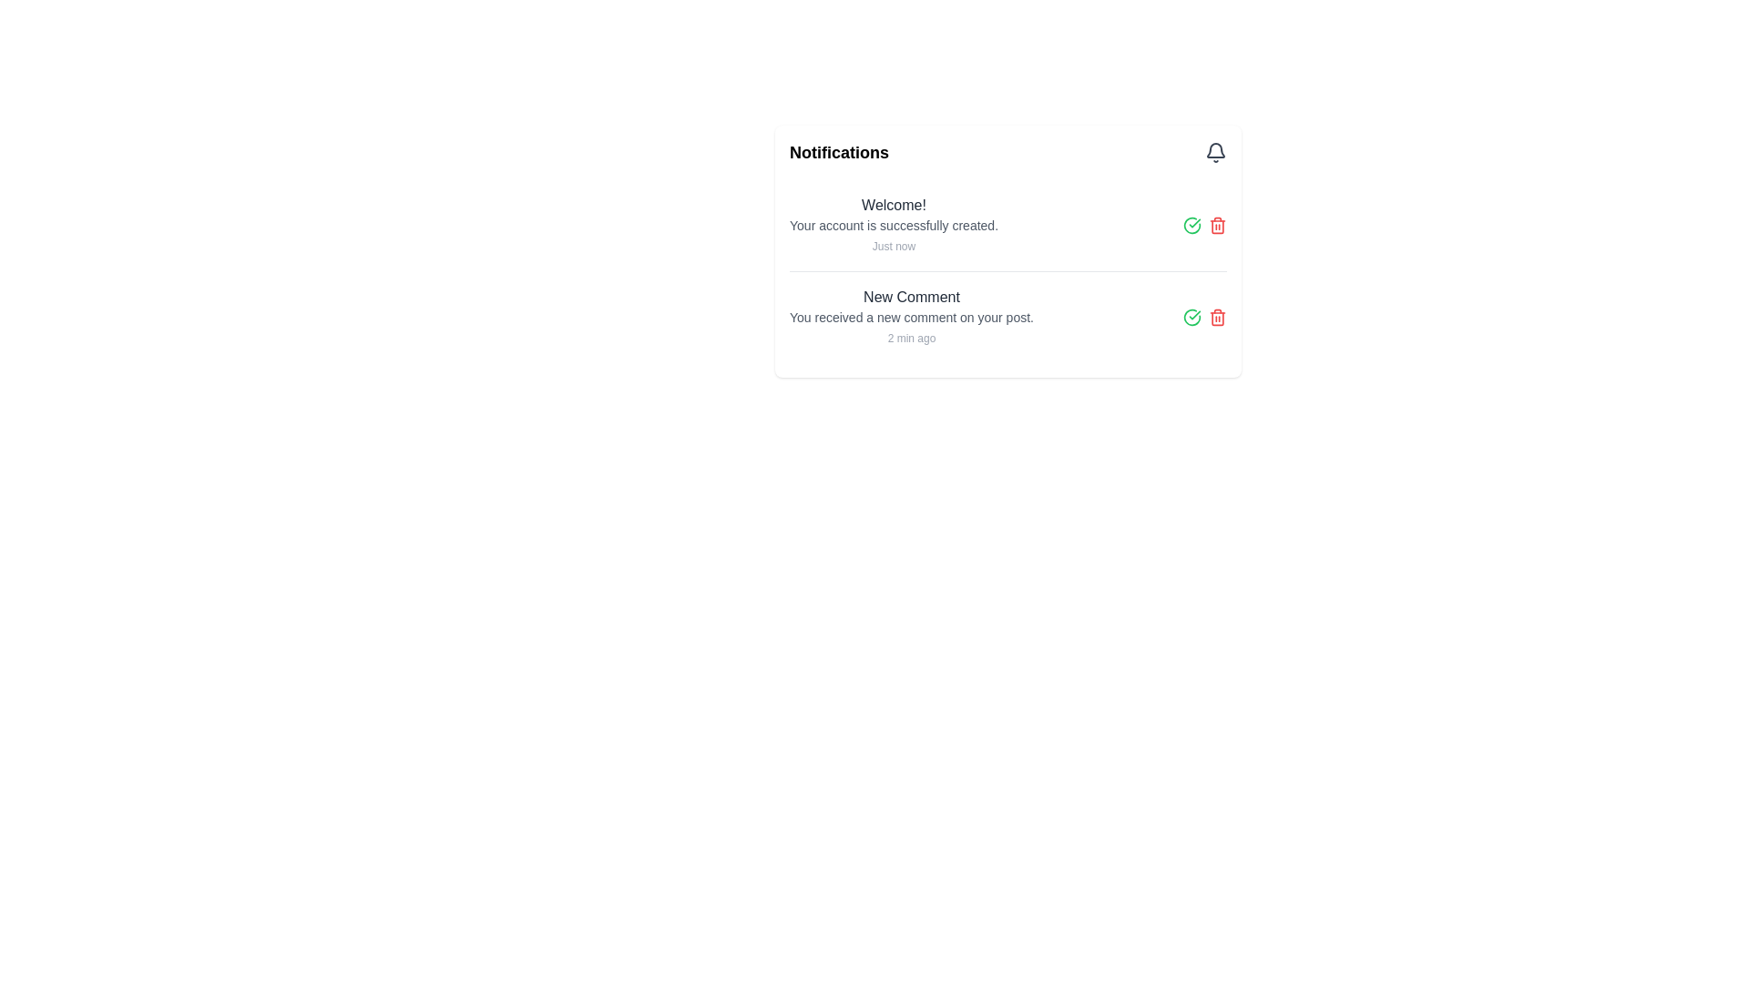 The width and height of the screenshot is (1749, 983). I want to click on the 'Notifications' text label, which is styled with a large font size and bold weight, located at the top-left corner of the notification panel, so click(838, 152).